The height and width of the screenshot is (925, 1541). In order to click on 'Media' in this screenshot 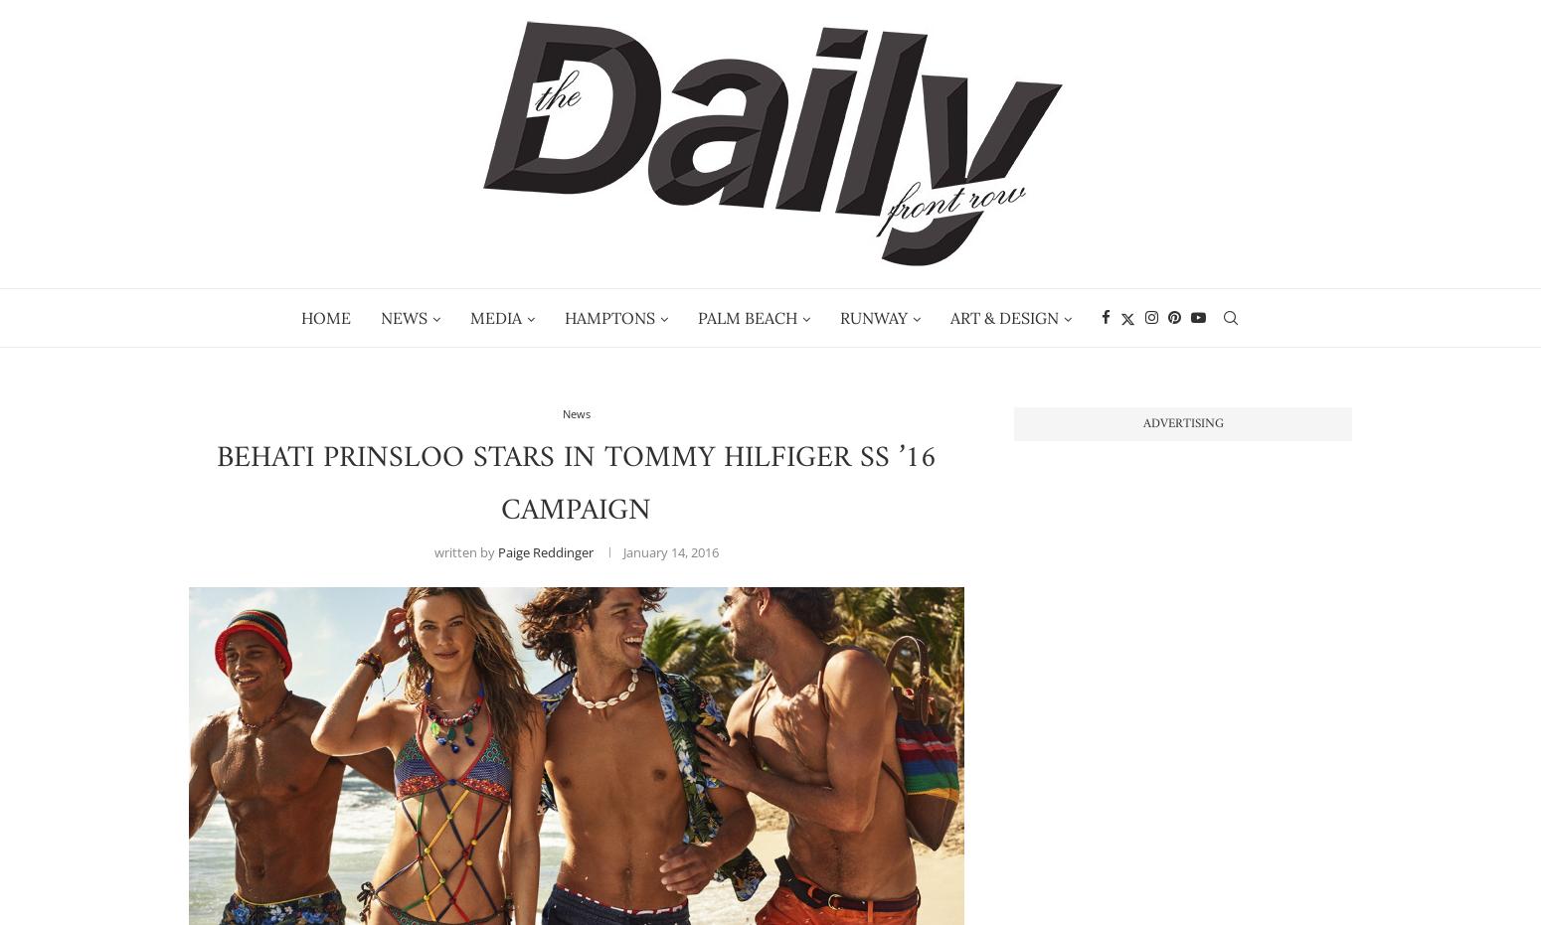, I will do `click(494, 316)`.